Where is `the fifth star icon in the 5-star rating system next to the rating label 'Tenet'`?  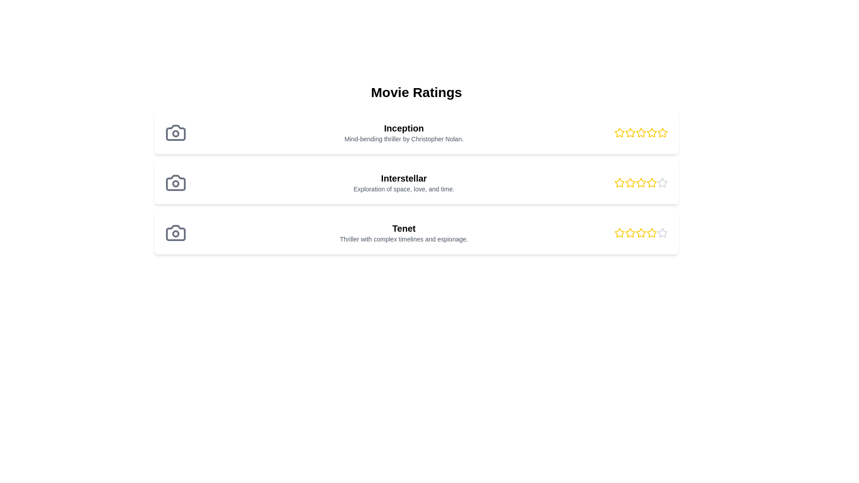
the fifth star icon in the 5-star rating system next to the rating label 'Tenet' is located at coordinates (663, 232).